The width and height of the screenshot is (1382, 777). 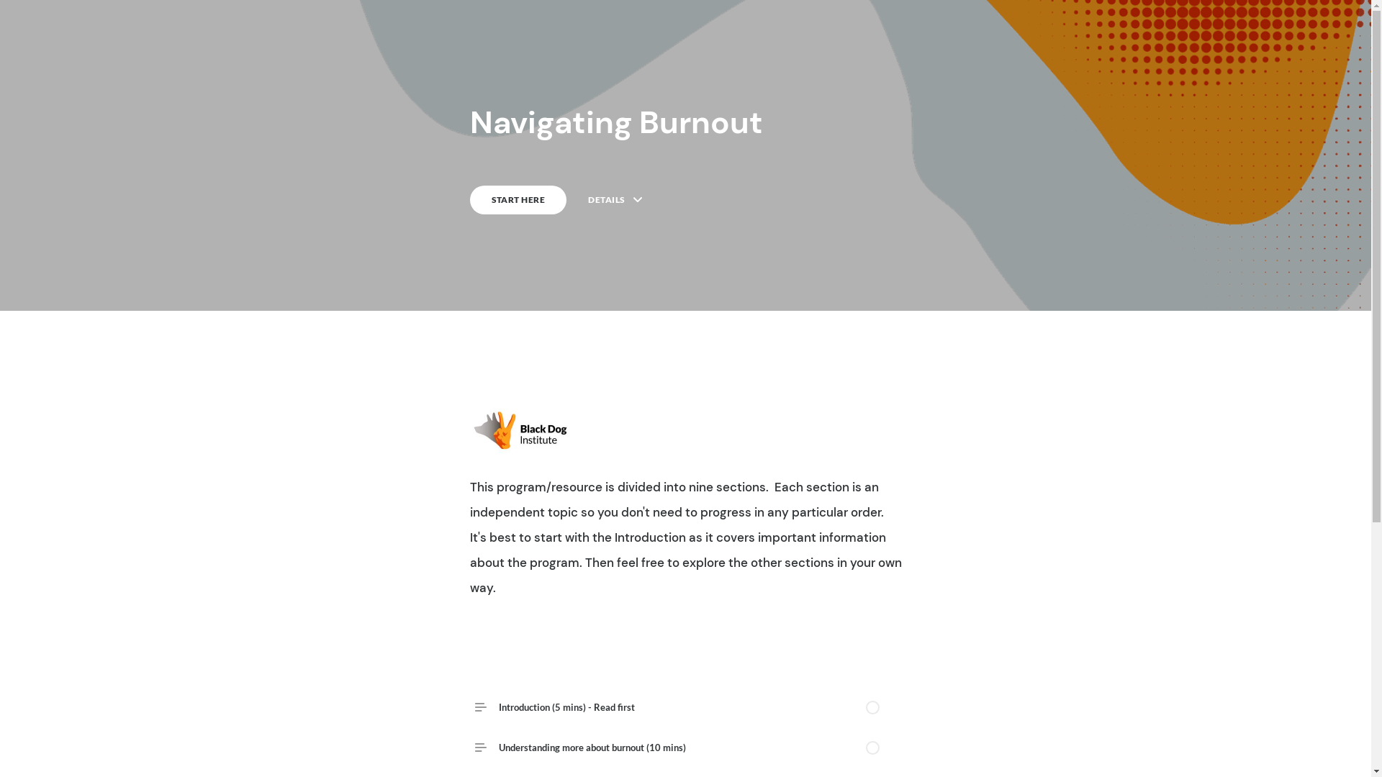 I want to click on 'DETAILSMORECARET POINTING DOWN', so click(x=587, y=199).